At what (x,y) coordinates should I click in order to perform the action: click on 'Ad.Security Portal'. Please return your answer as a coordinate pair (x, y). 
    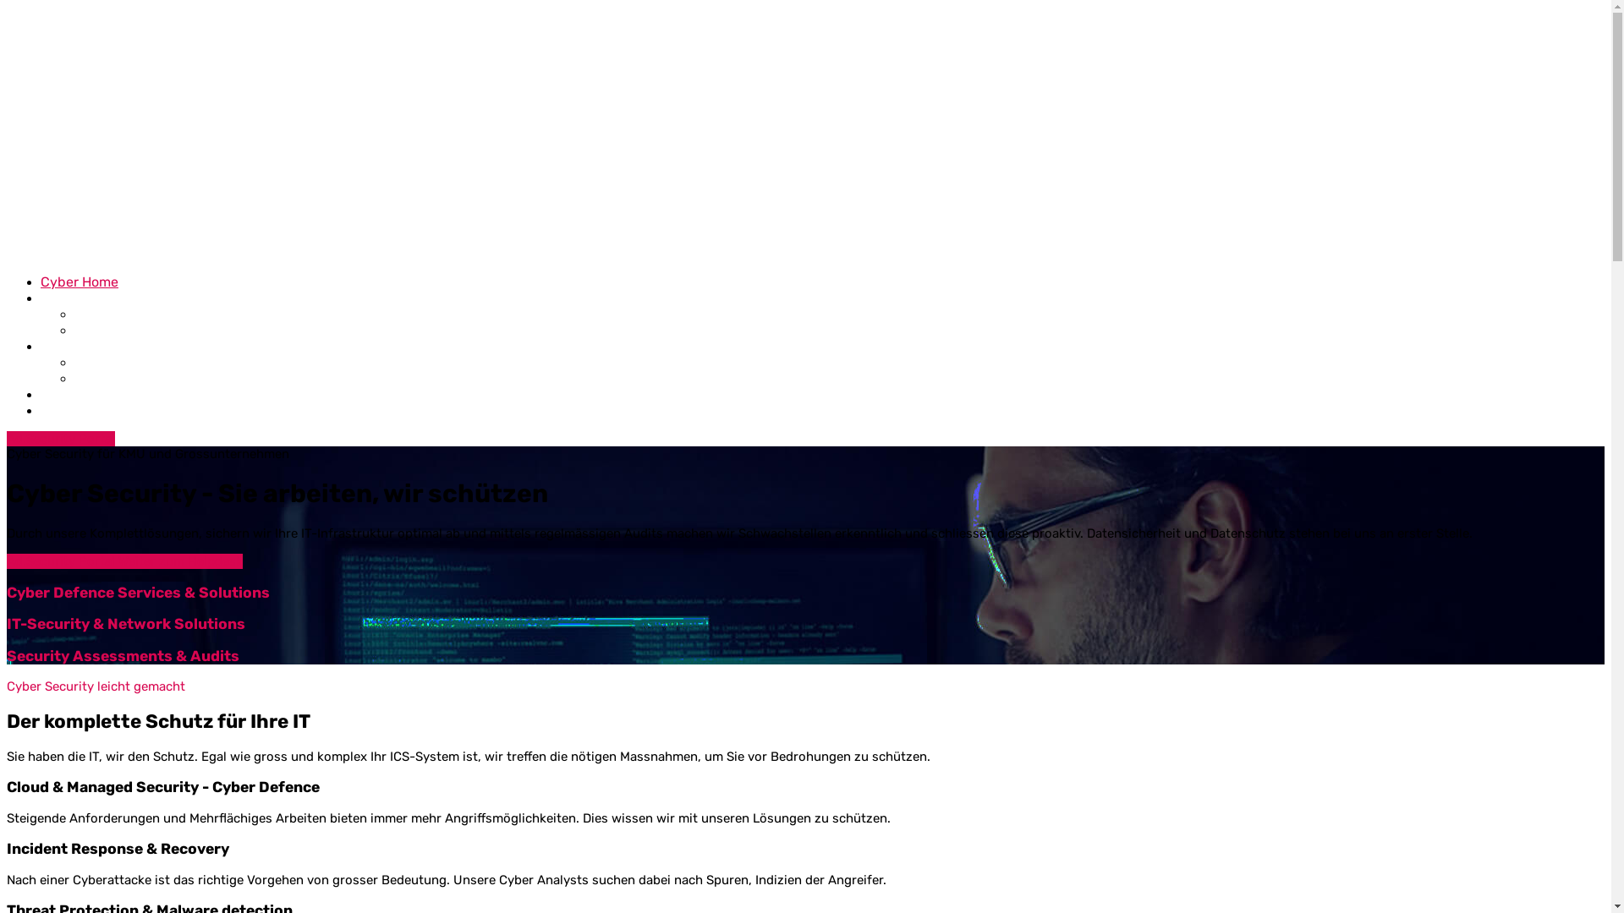
    Looking at the image, I should click on (61, 438).